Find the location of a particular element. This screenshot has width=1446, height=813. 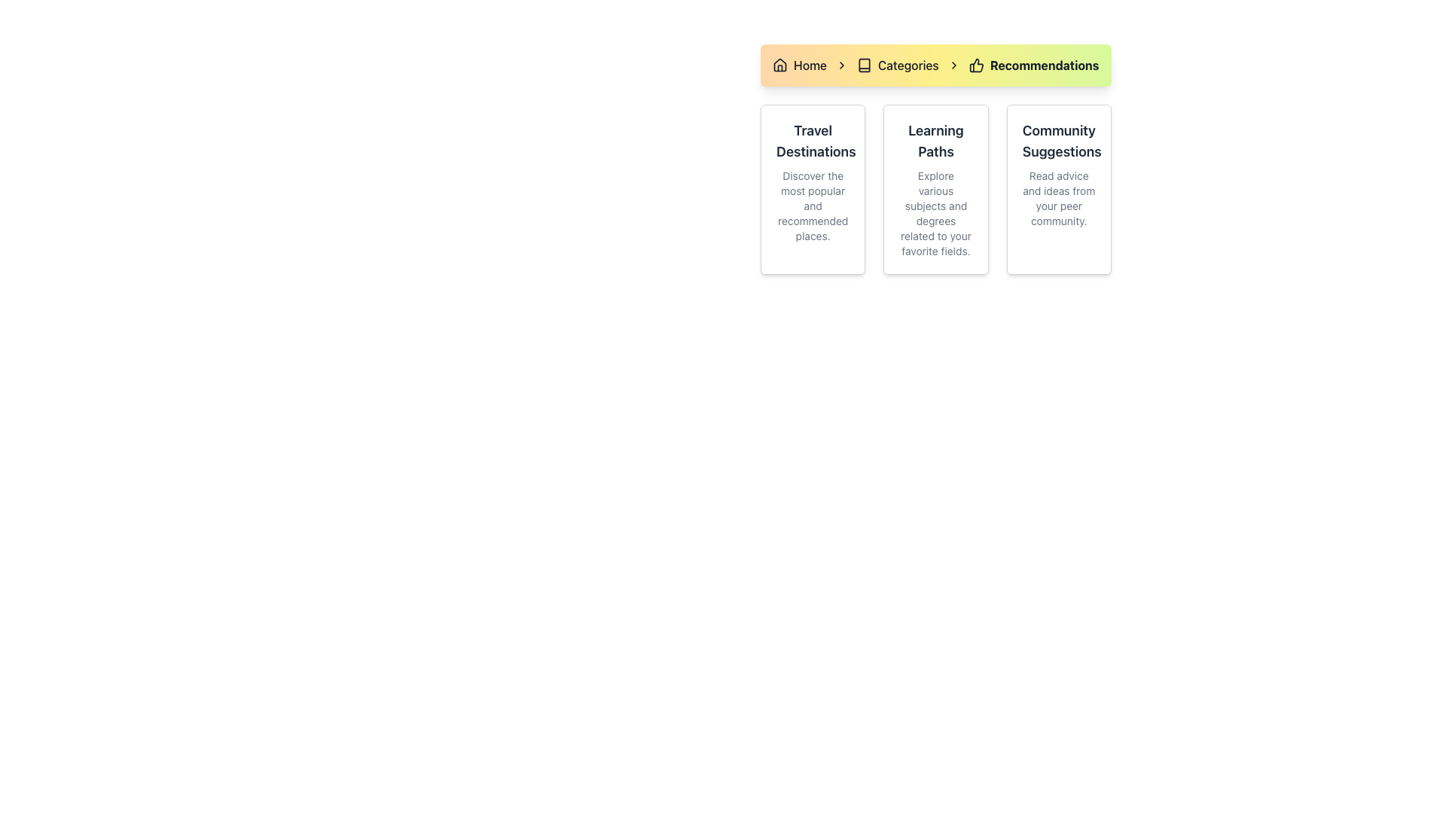

the house-shaped icon in the breadcrumb navigation bar is located at coordinates (780, 63).